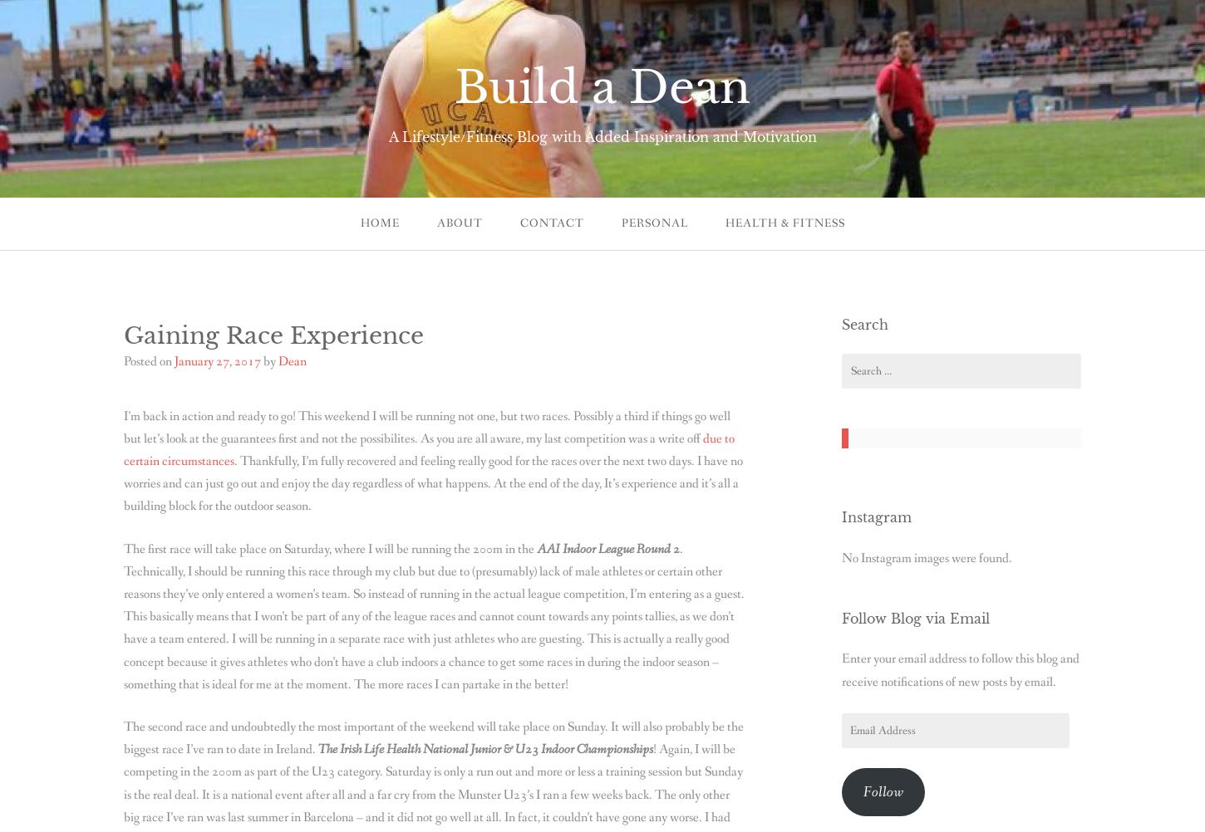 The image size is (1205, 832). What do you see at coordinates (485, 749) in the screenshot?
I see `'The Irish Life Health National Junior & U23 Indoor Championships'` at bounding box center [485, 749].